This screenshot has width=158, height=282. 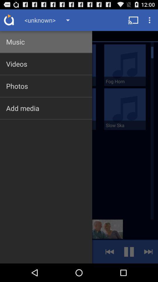 What do you see at coordinates (148, 269) in the screenshot?
I see `the skip_next icon` at bounding box center [148, 269].